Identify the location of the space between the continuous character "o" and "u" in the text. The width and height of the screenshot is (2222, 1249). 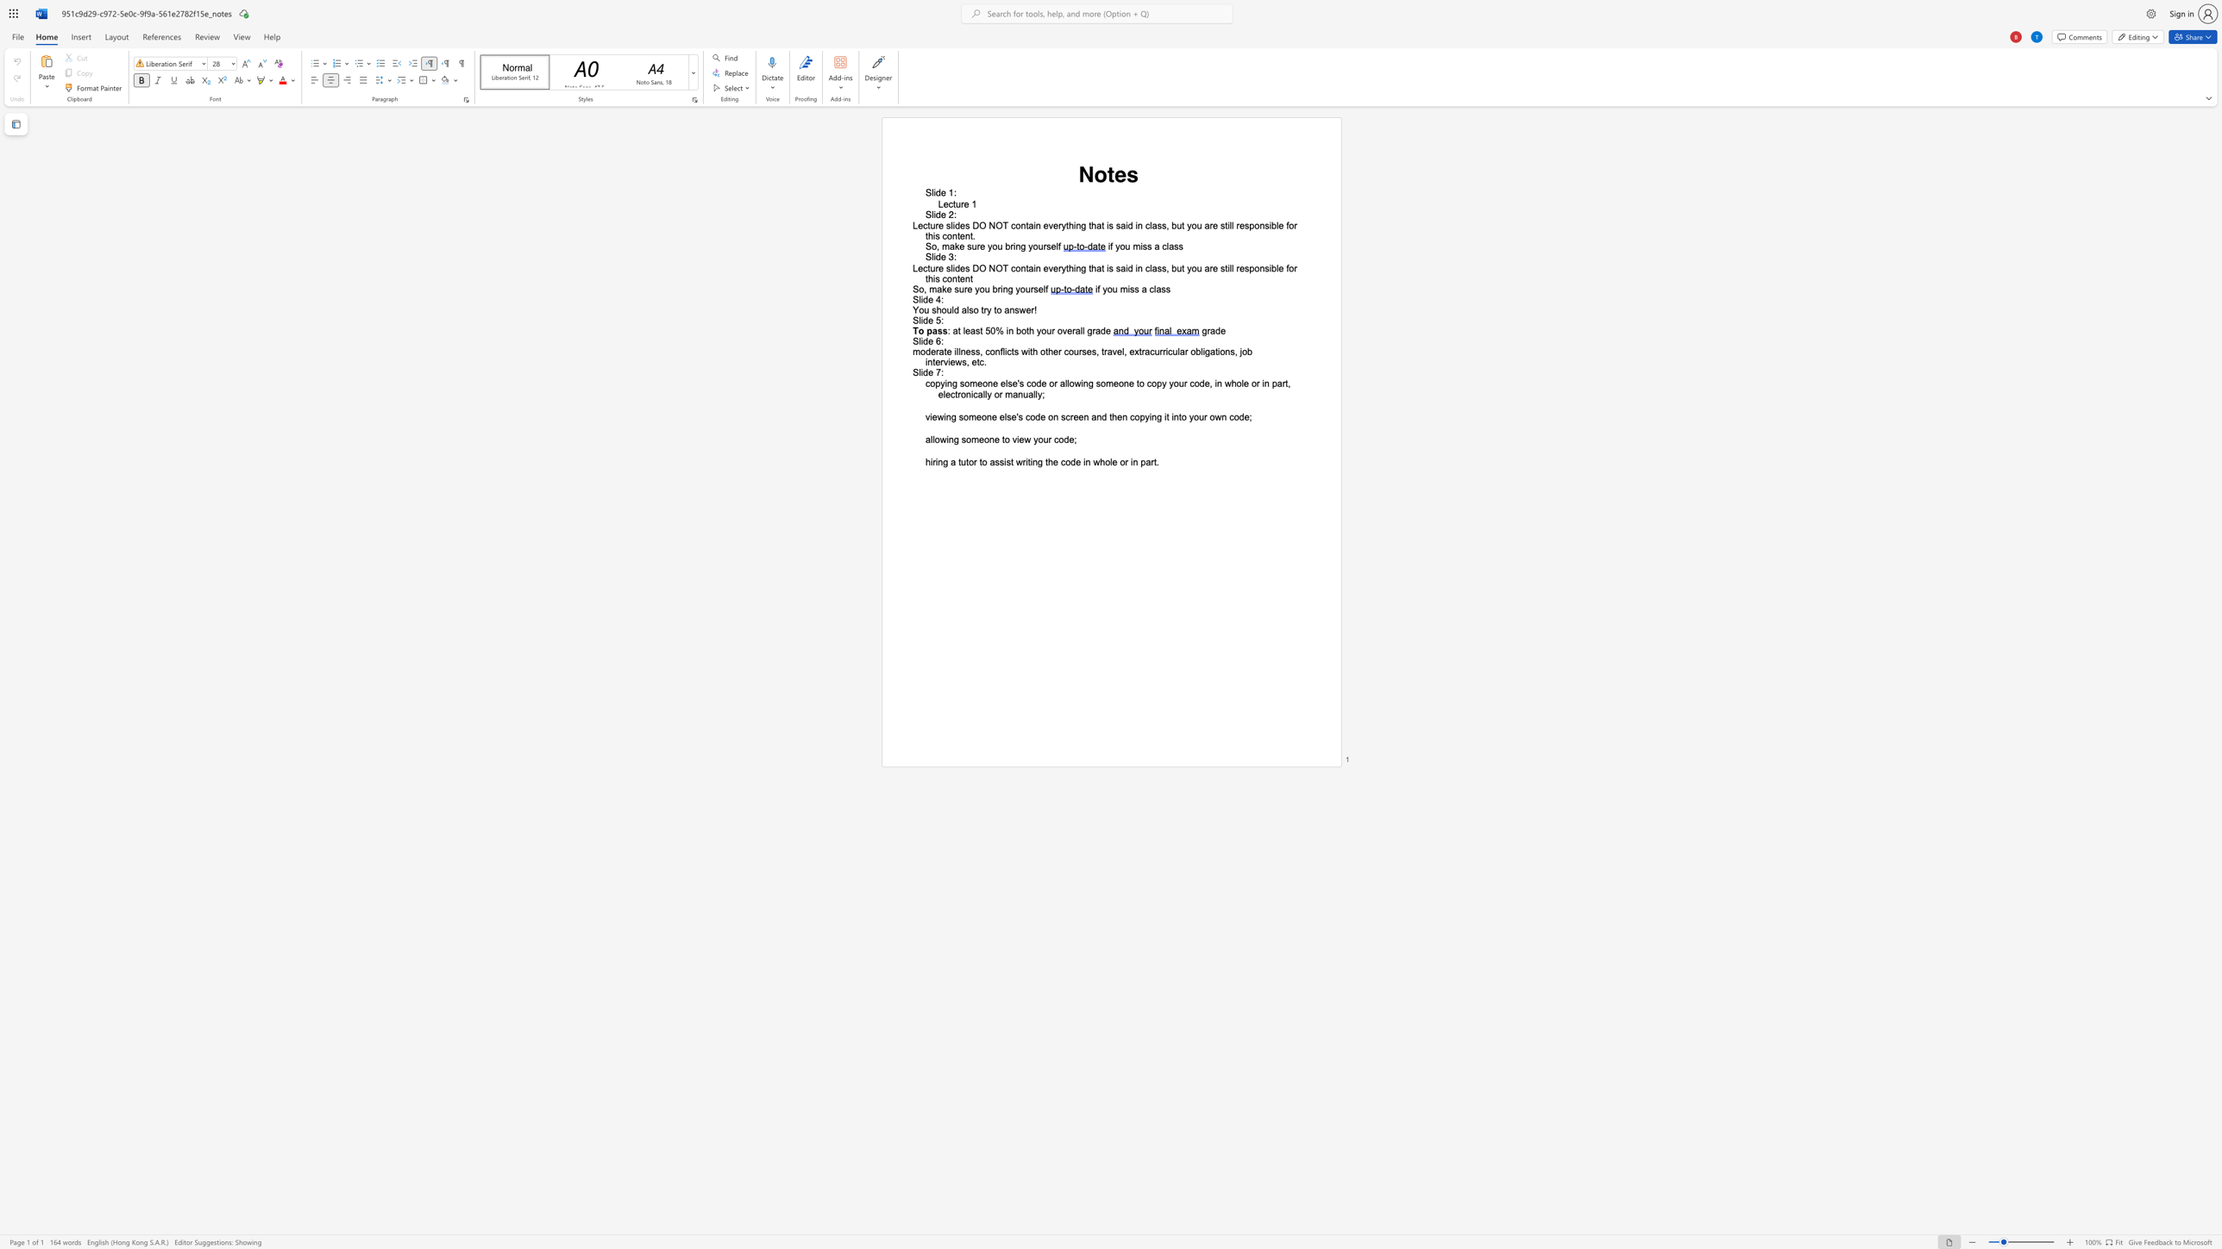
(1125, 245).